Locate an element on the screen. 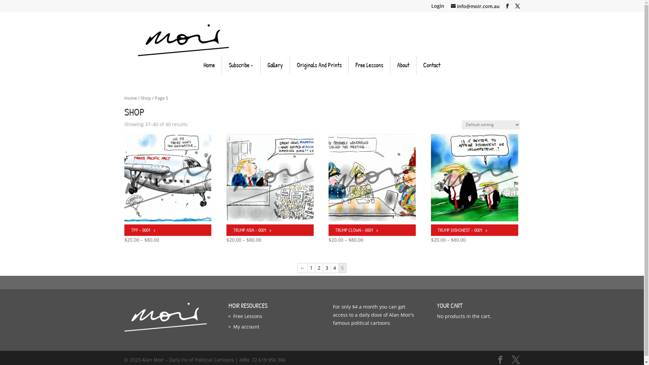  'Home' is located at coordinates (130, 98).